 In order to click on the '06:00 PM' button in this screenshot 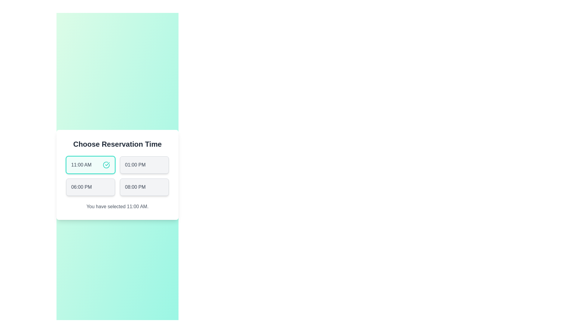, I will do `click(90, 187)`.